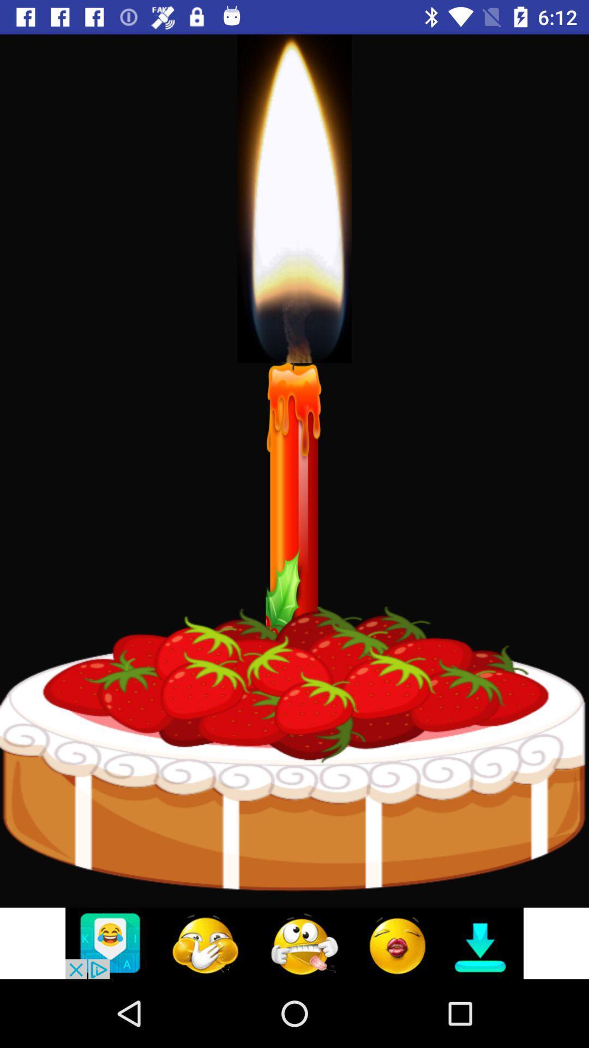  I want to click on click discriiption, so click(294, 943).